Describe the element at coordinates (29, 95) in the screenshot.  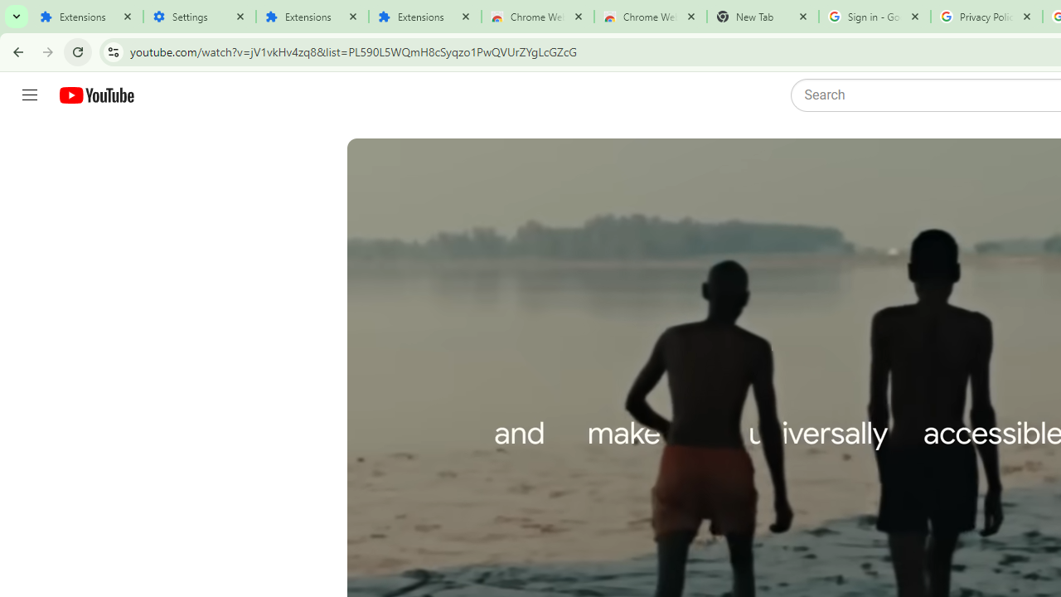
I see `'Guide'` at that location.